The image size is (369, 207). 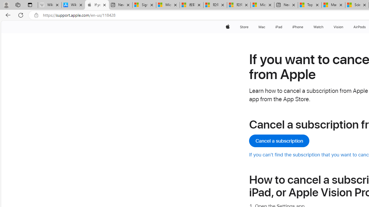 I want to click on 'Watch', so click(x=318, y=27).